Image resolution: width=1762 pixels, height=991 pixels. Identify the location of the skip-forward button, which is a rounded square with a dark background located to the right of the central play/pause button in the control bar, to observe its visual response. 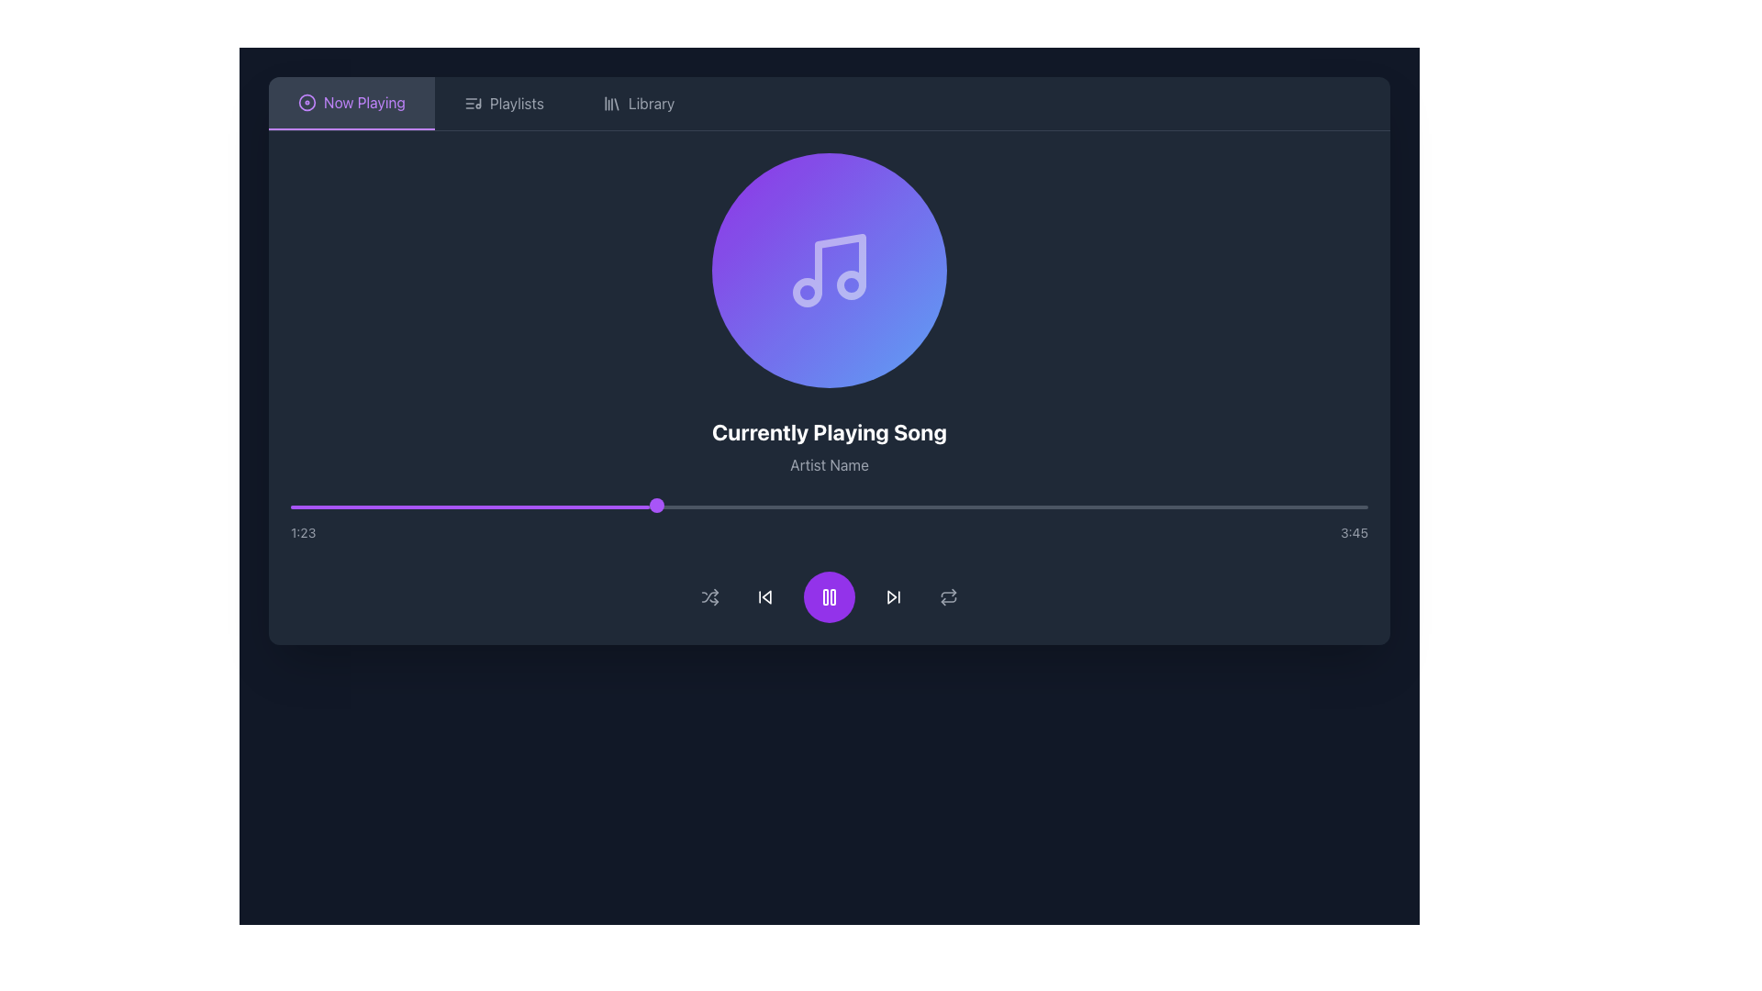
(894, 597).